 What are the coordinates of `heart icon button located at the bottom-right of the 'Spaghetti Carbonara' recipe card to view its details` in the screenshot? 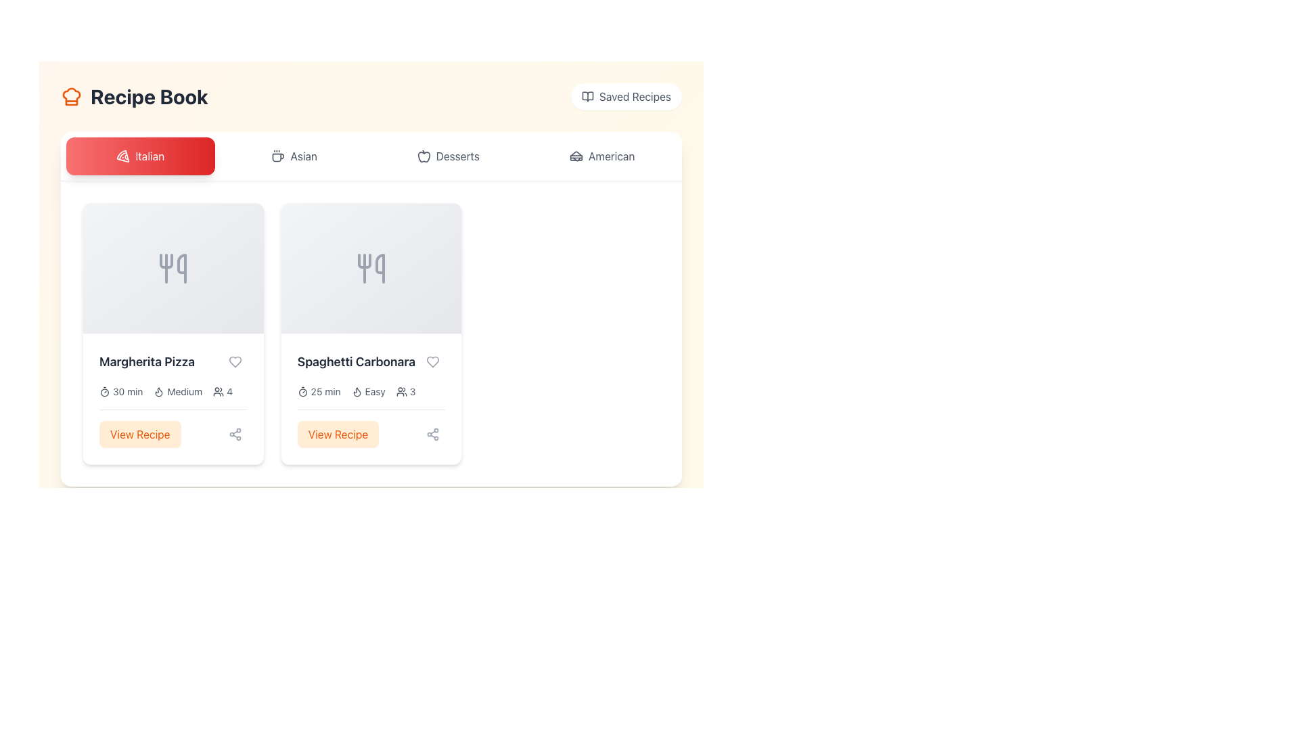 It's located at (433, 361).